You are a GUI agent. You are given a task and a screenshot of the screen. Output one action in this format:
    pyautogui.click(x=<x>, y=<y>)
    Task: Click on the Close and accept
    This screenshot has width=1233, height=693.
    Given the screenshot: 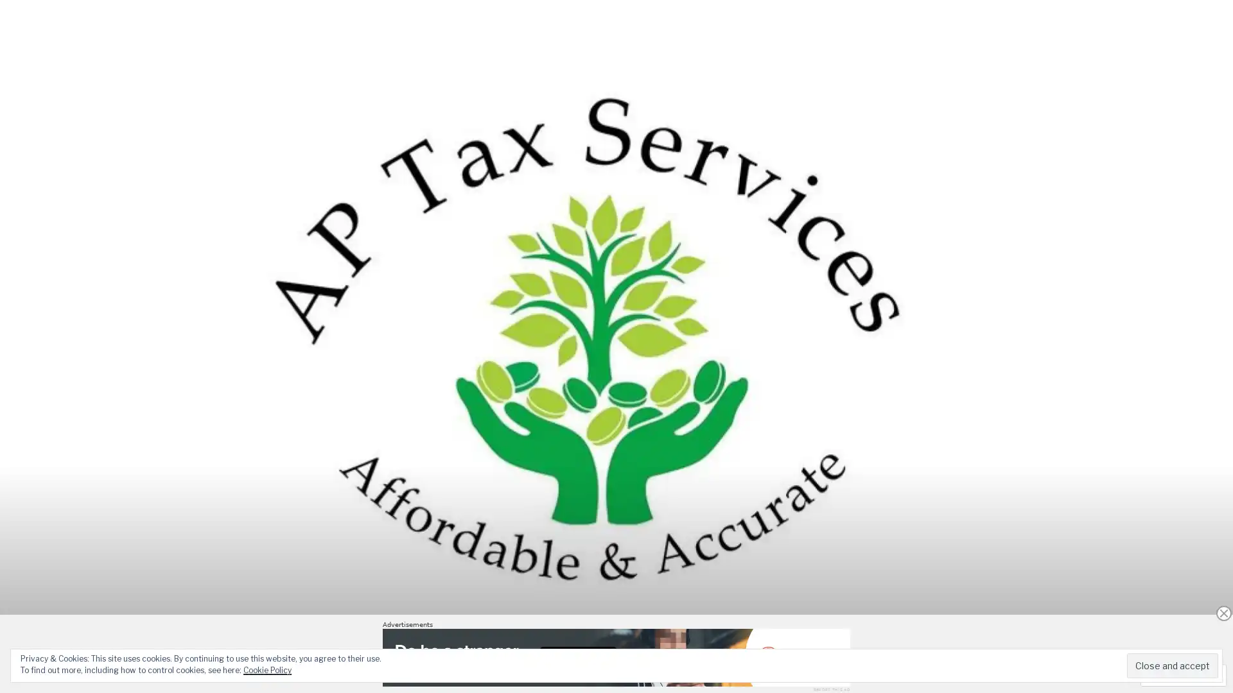 What is the action you would take?
    pyautogui.click(x=1172, y=665)
    